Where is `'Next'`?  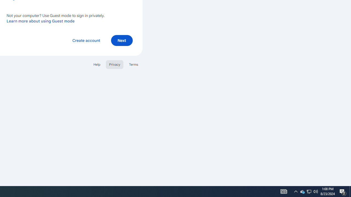
'Next' is located at coordinates (121, 40).